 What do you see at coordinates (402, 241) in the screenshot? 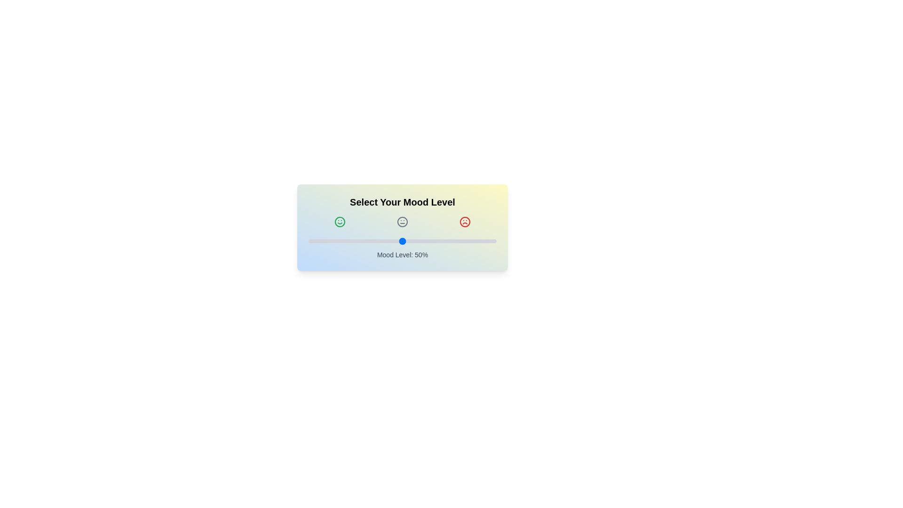
I see `the mood level` at bounding box center [402, 241].